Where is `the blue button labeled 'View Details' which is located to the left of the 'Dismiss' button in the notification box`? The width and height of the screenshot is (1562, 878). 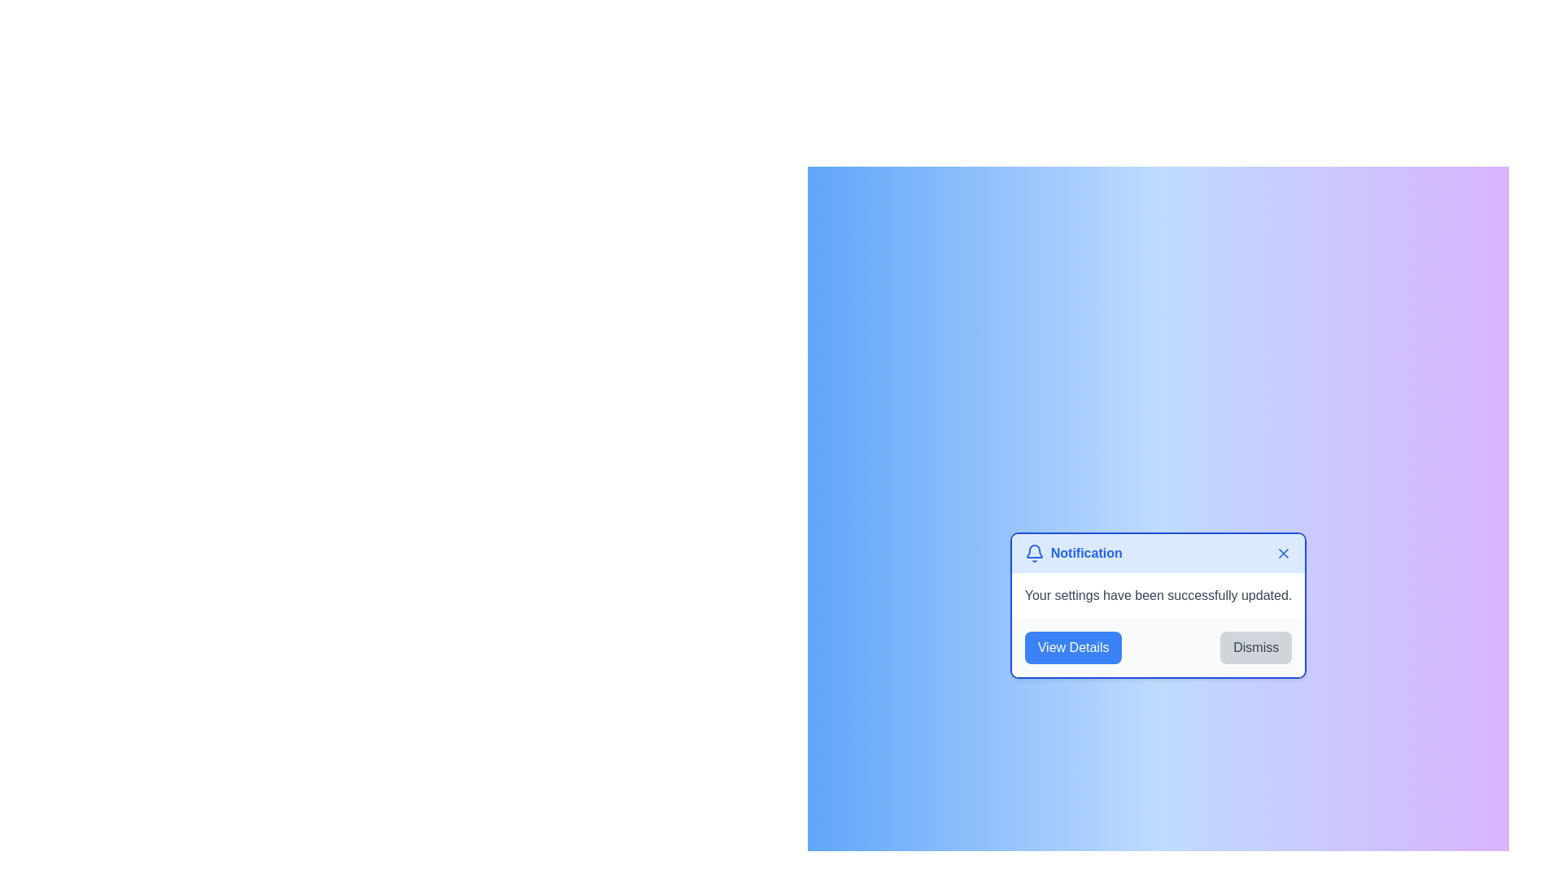 the blue button labeled 'View Details' which is located to the left of the 'Dismiss' button in the notification box is located at coordinates (1073, 647).